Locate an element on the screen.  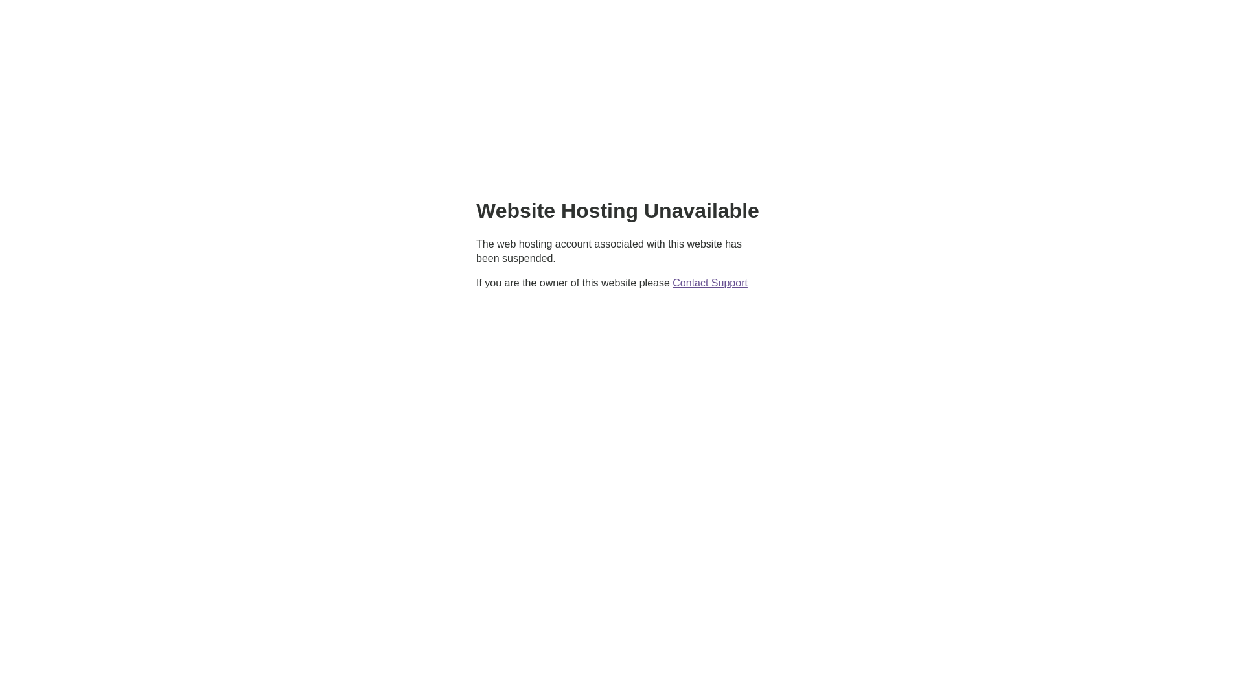
'Contact Support' is located at coordinates (709, 282).